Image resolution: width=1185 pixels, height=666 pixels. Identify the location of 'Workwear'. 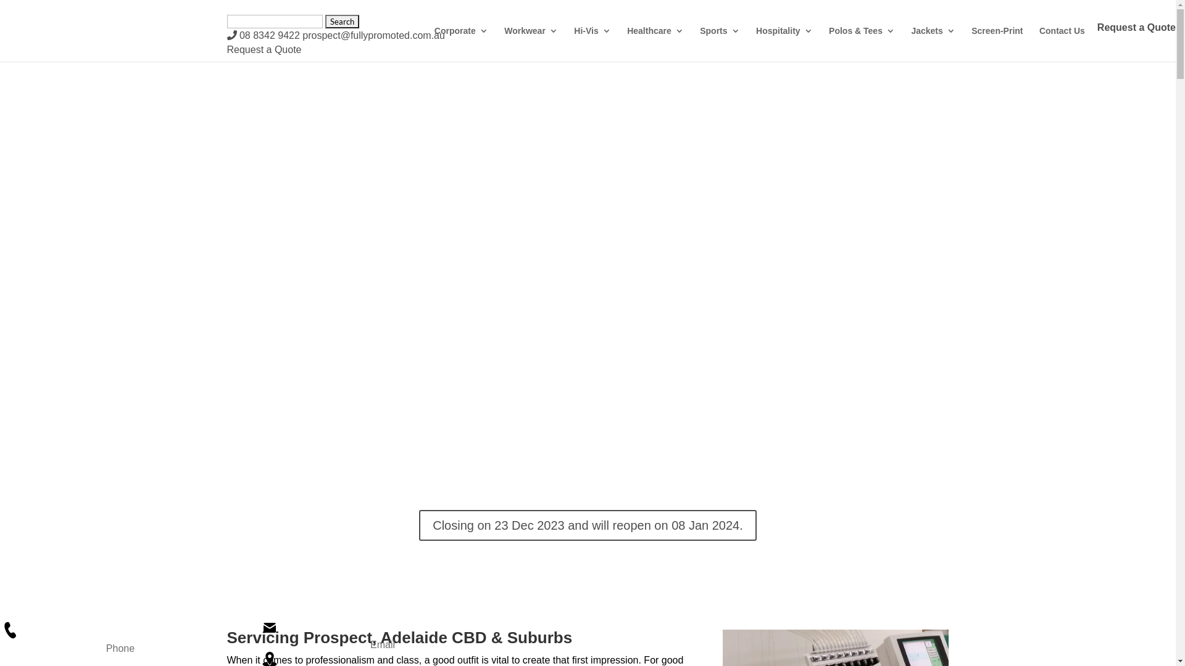
(504, 40).